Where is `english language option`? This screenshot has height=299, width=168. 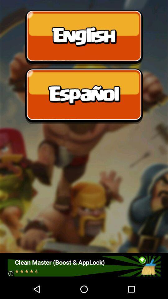
english language option is located at coordinates (84, 37).